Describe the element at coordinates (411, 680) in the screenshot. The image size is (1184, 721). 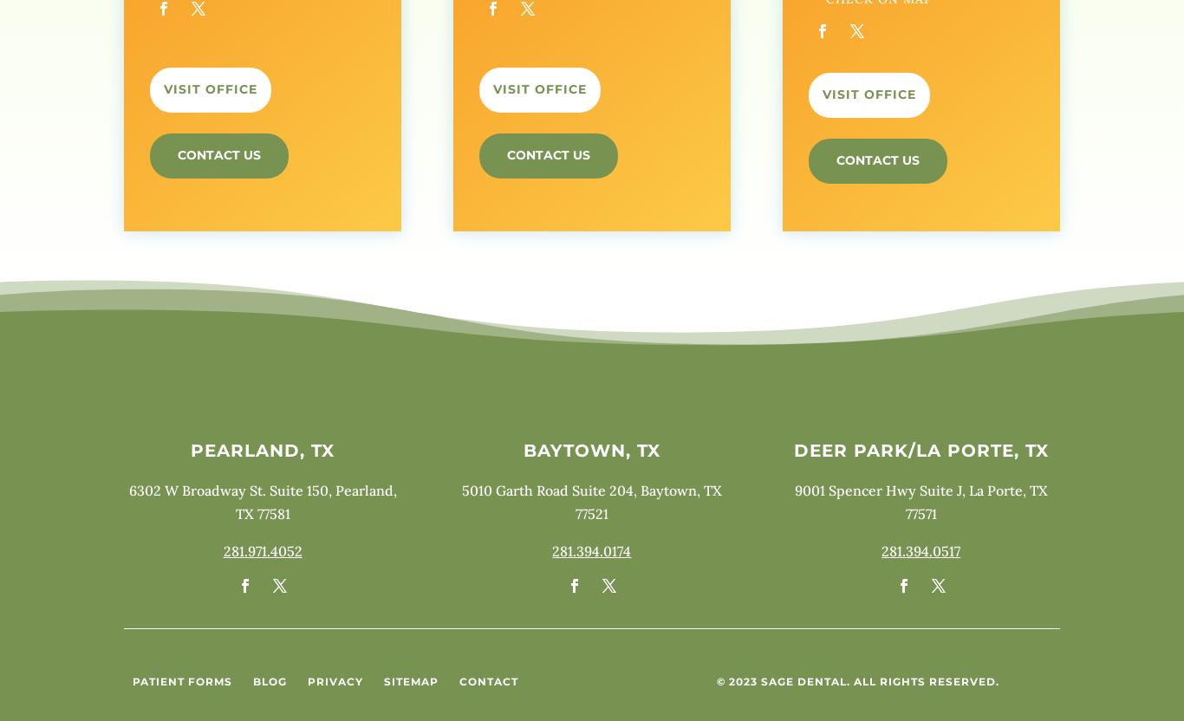
I see `'Sitemap'` at that location.